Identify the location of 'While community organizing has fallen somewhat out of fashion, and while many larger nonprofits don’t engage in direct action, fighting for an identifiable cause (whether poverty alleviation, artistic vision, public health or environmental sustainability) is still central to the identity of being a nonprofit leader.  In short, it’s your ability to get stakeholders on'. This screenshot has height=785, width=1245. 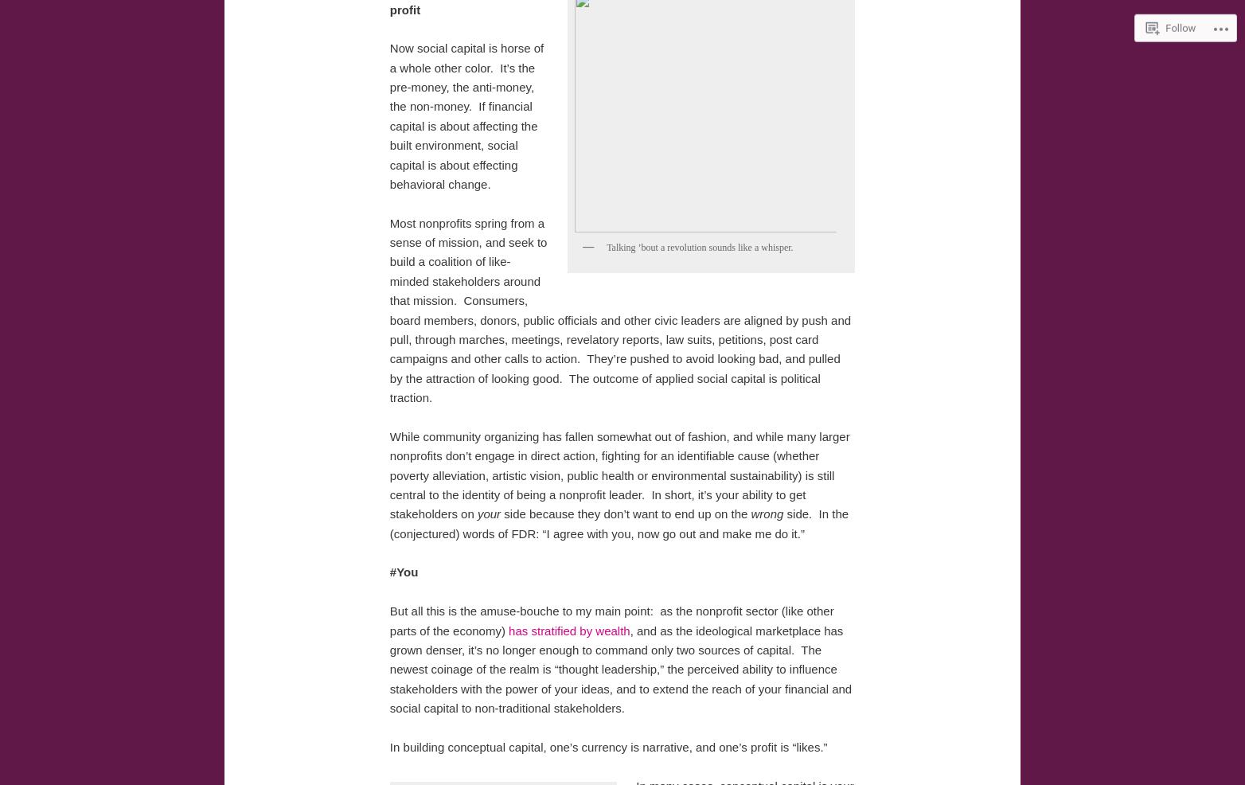
(618, 475).